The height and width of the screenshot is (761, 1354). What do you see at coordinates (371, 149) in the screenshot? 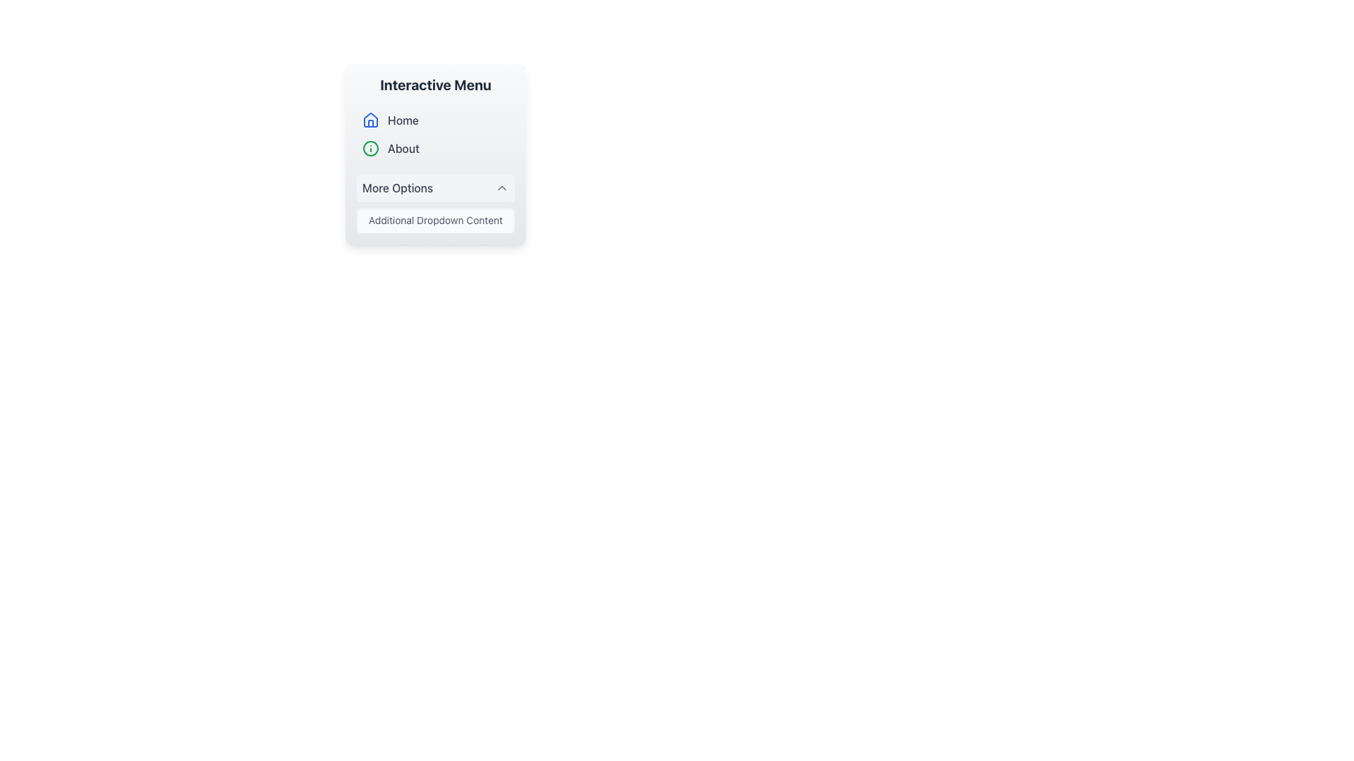
I see `the circular SVG shape of the green 'Information' icon located adjacent to the 'About' label in the menu` at bounding box center [371, 149].